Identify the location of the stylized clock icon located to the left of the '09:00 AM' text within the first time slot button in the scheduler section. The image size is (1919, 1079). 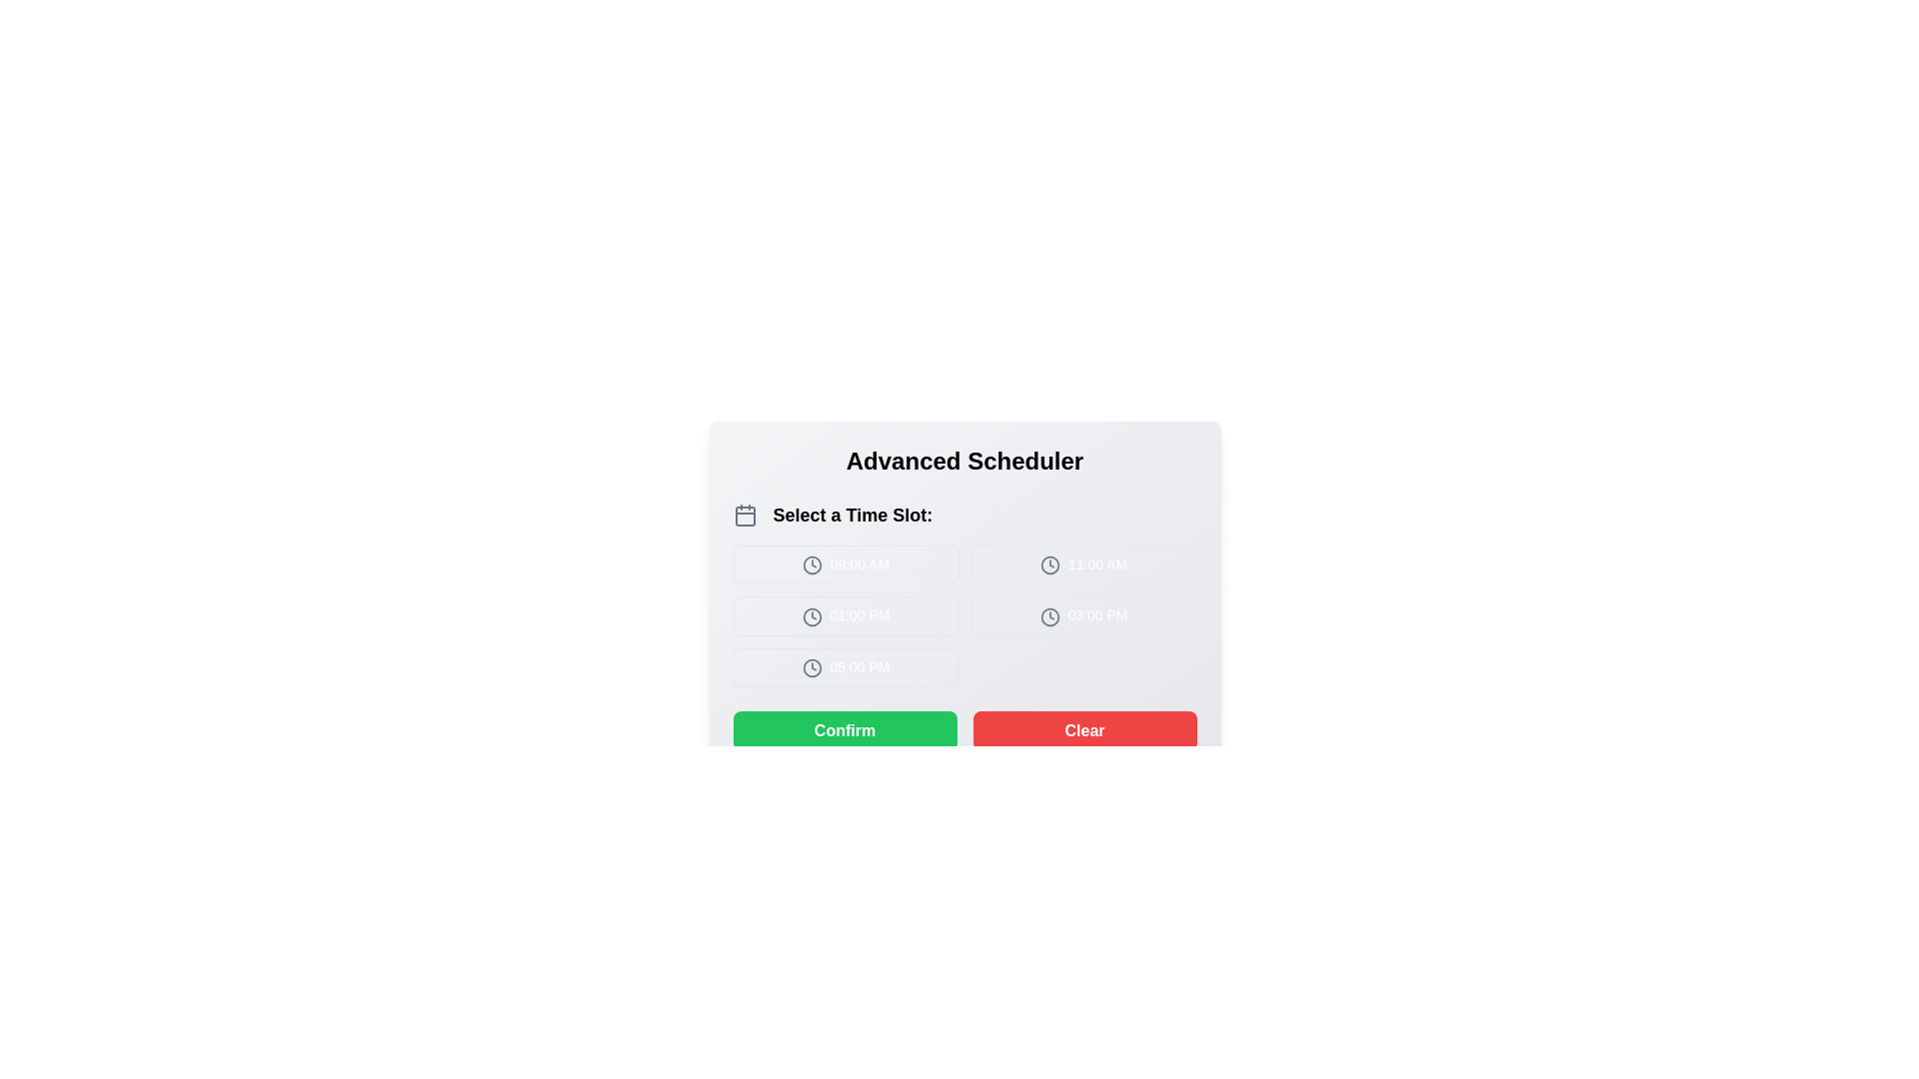
(812, 565).